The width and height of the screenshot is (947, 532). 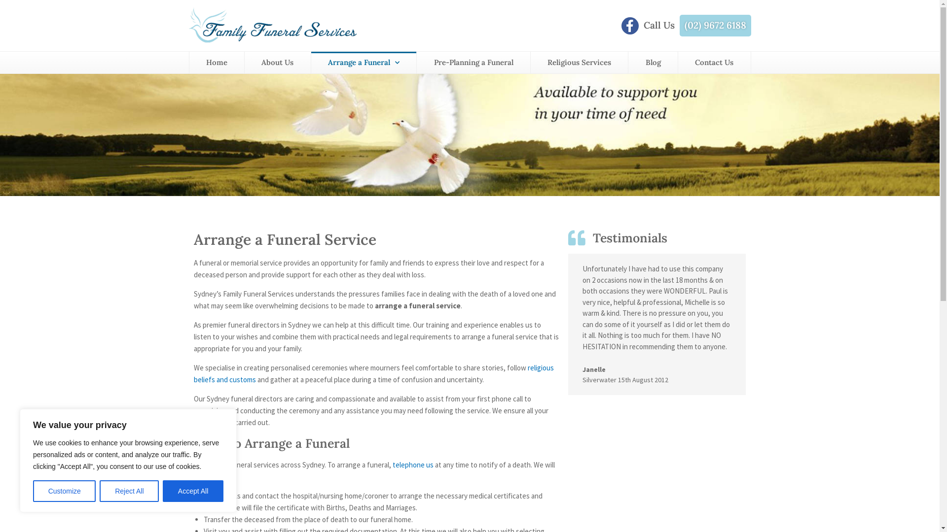 I want to click on 'Accept All', so click(x=193, y=491).